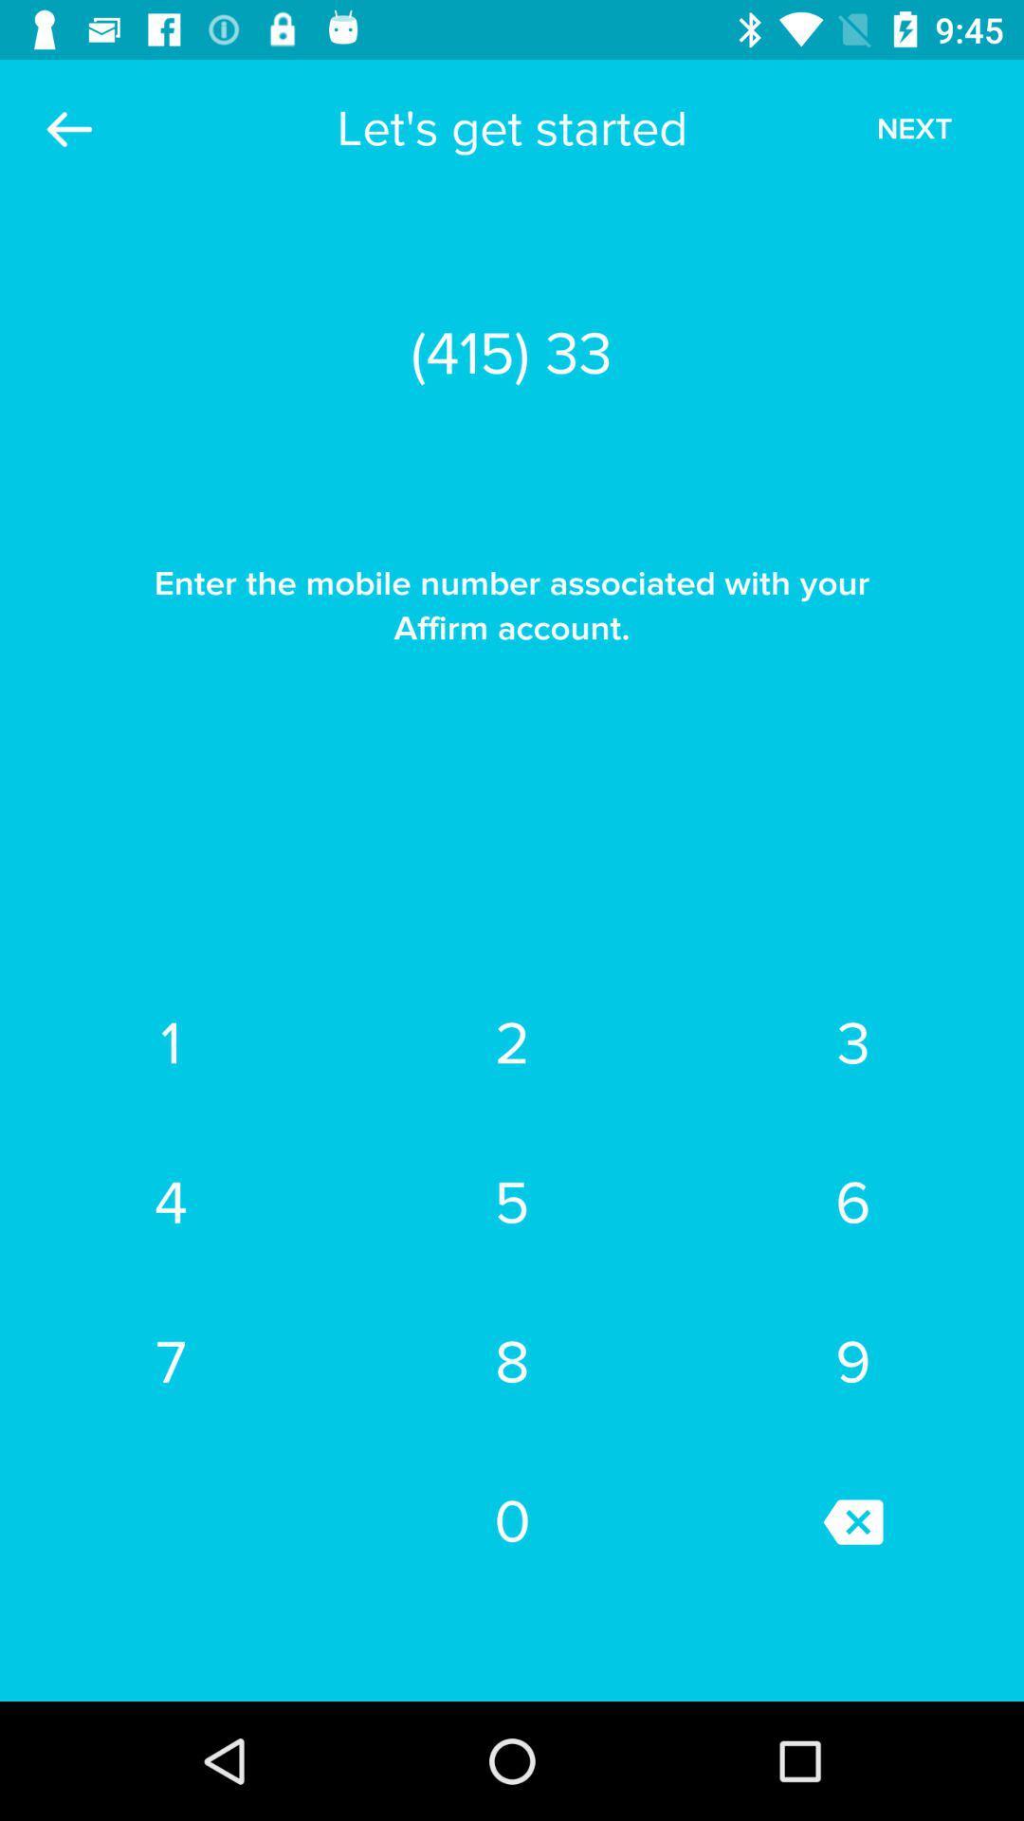 This screenshot has height=1821, width=1024. Describe the element at coordinates (171, 1361) in the screenshot. I see `item at the bottom left corner` at that location.